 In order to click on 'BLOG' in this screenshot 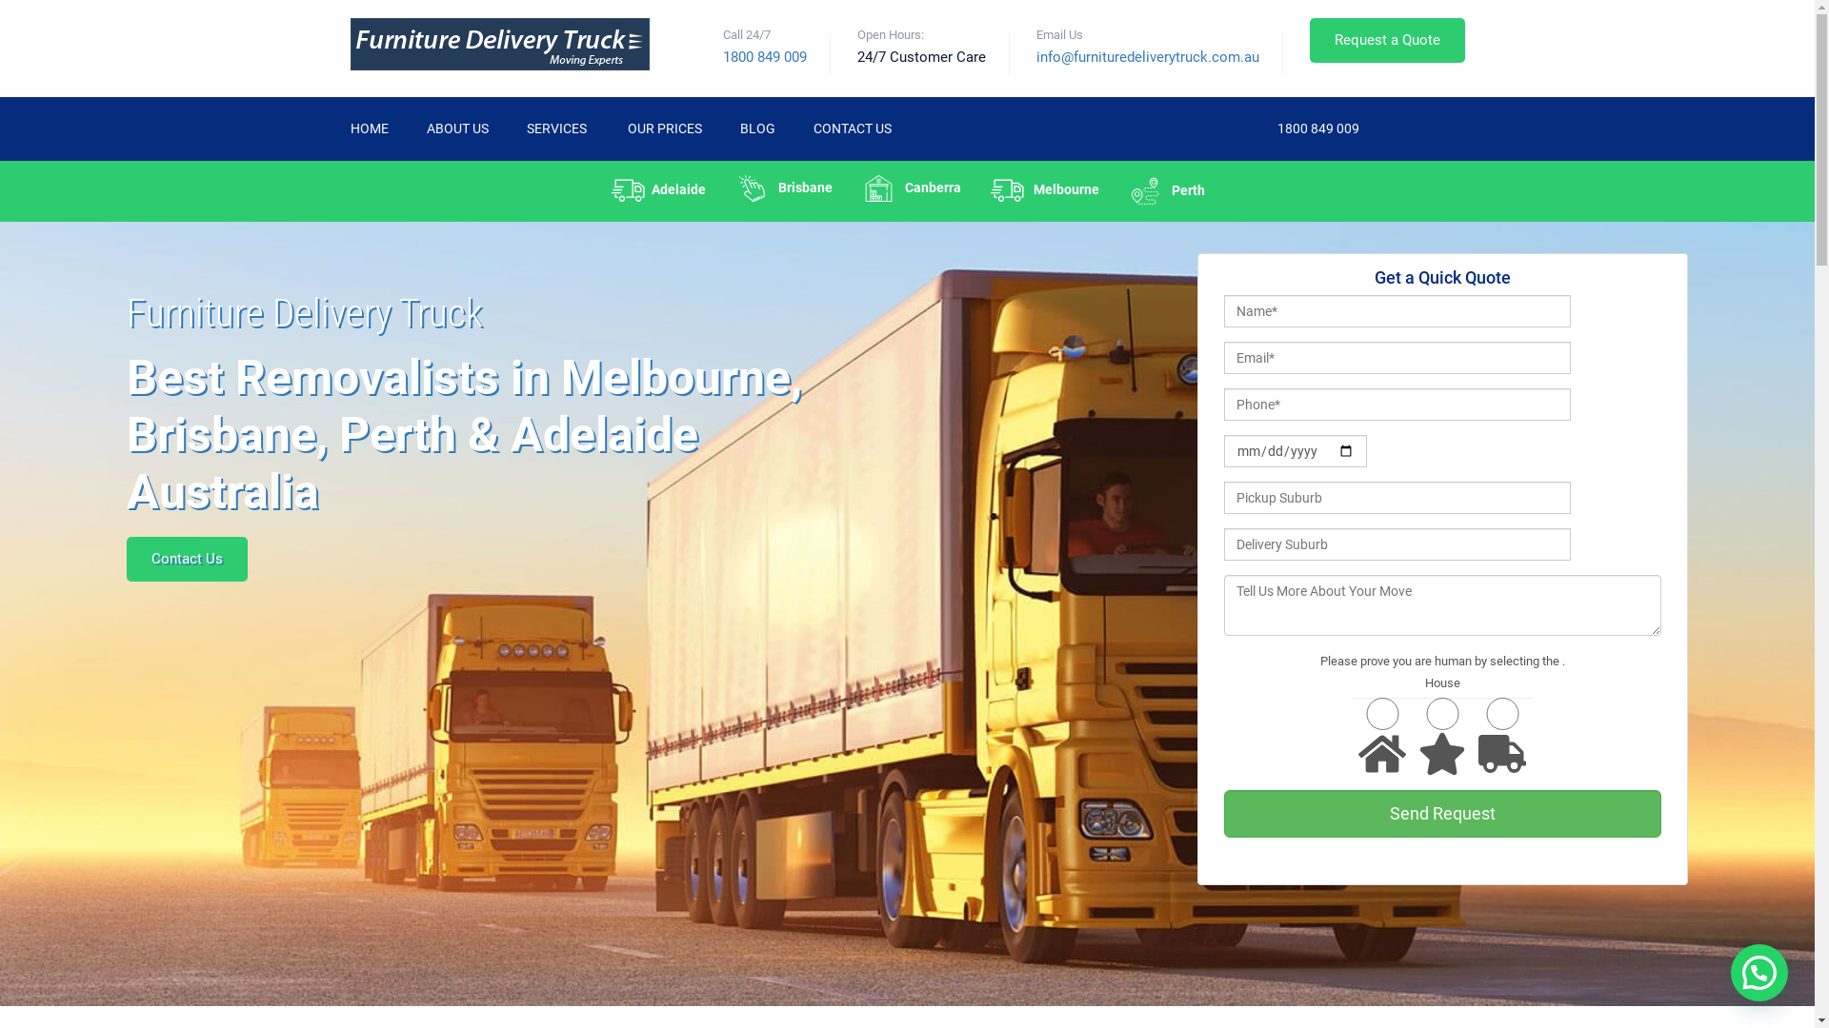, I will do `click(755, 128)`.